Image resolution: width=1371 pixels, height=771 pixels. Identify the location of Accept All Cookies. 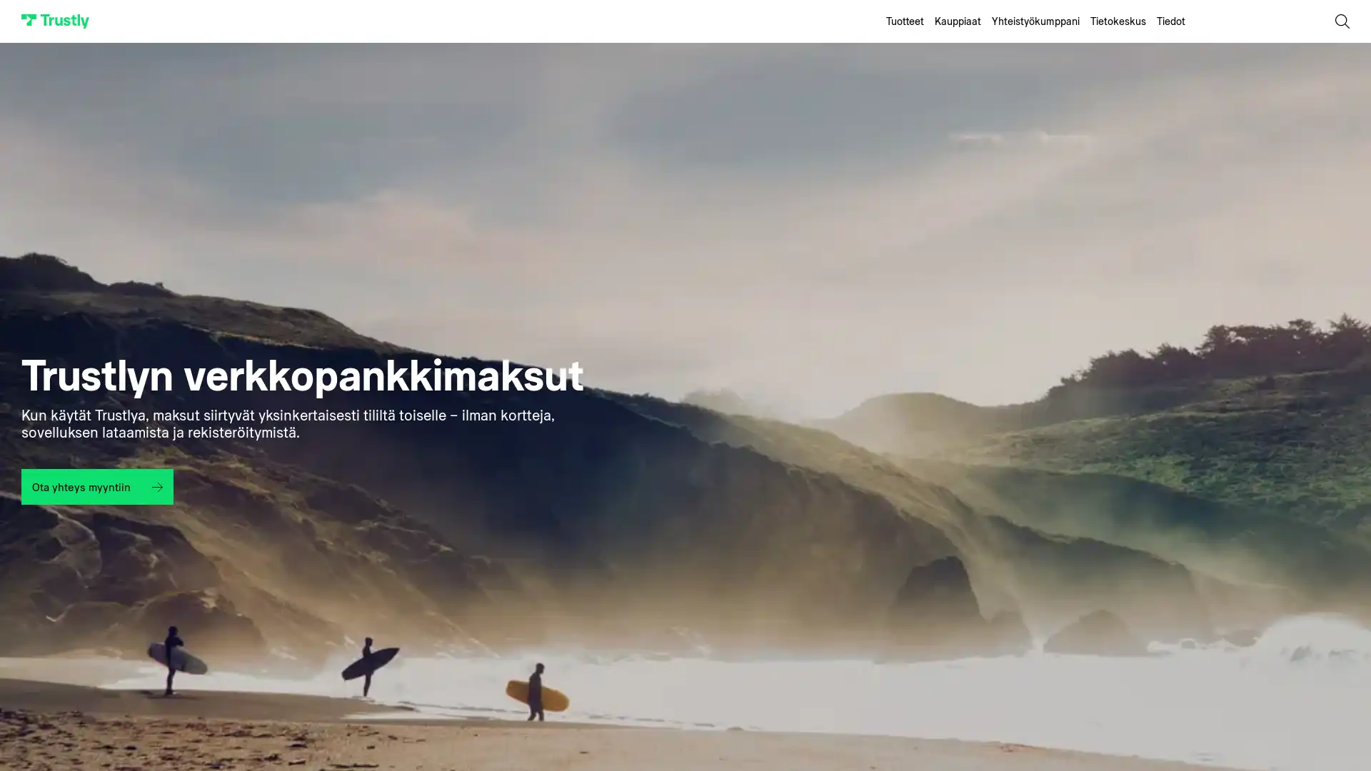
(541, 165).